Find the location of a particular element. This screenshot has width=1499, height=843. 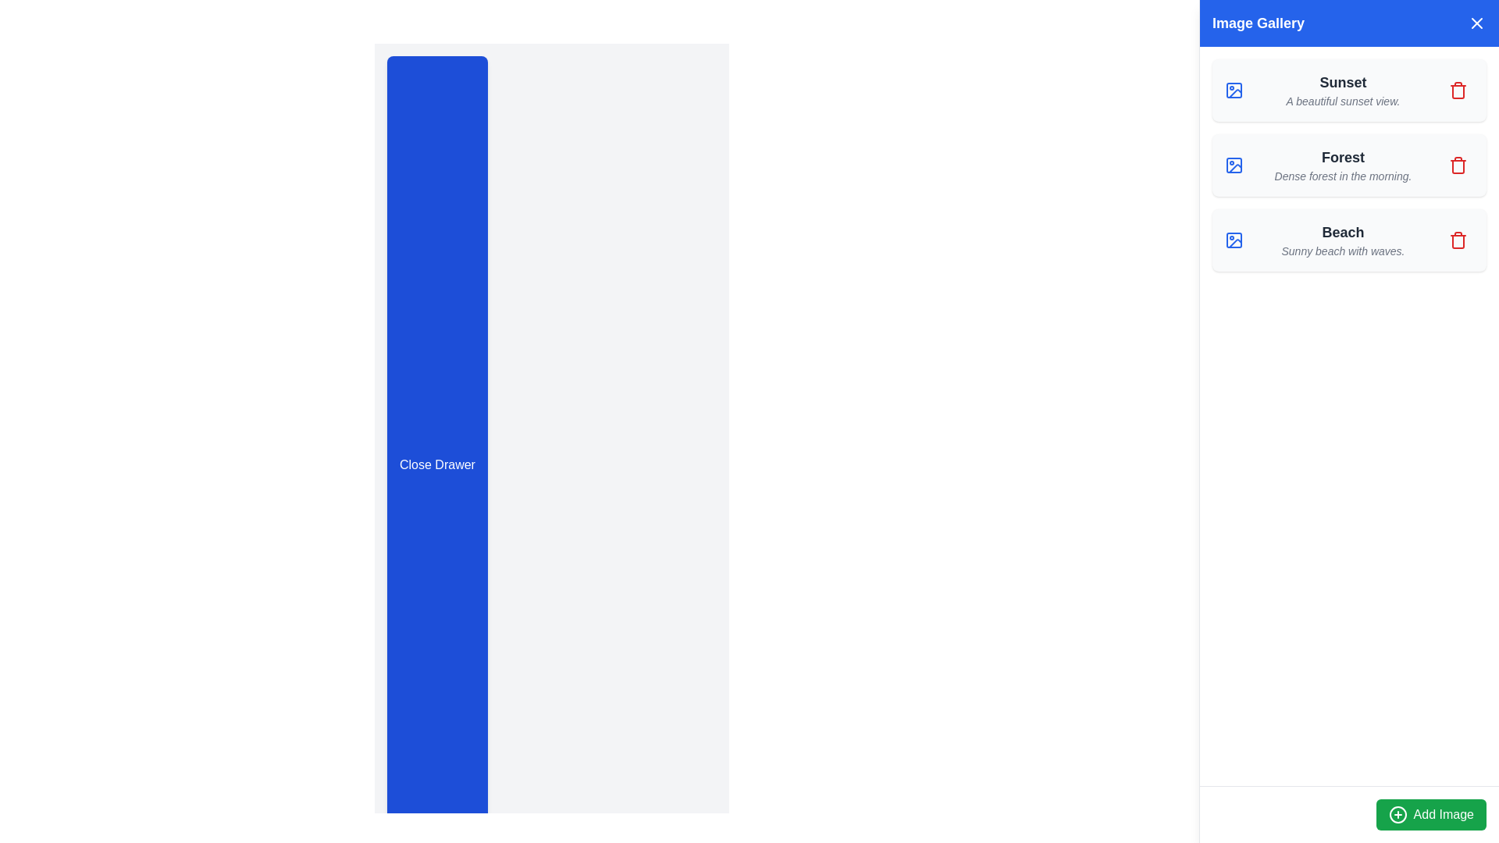

the landscape picture icon with a blue outline, positioned to the left of the text 'Forest' is located at coordinates (1233, 165).